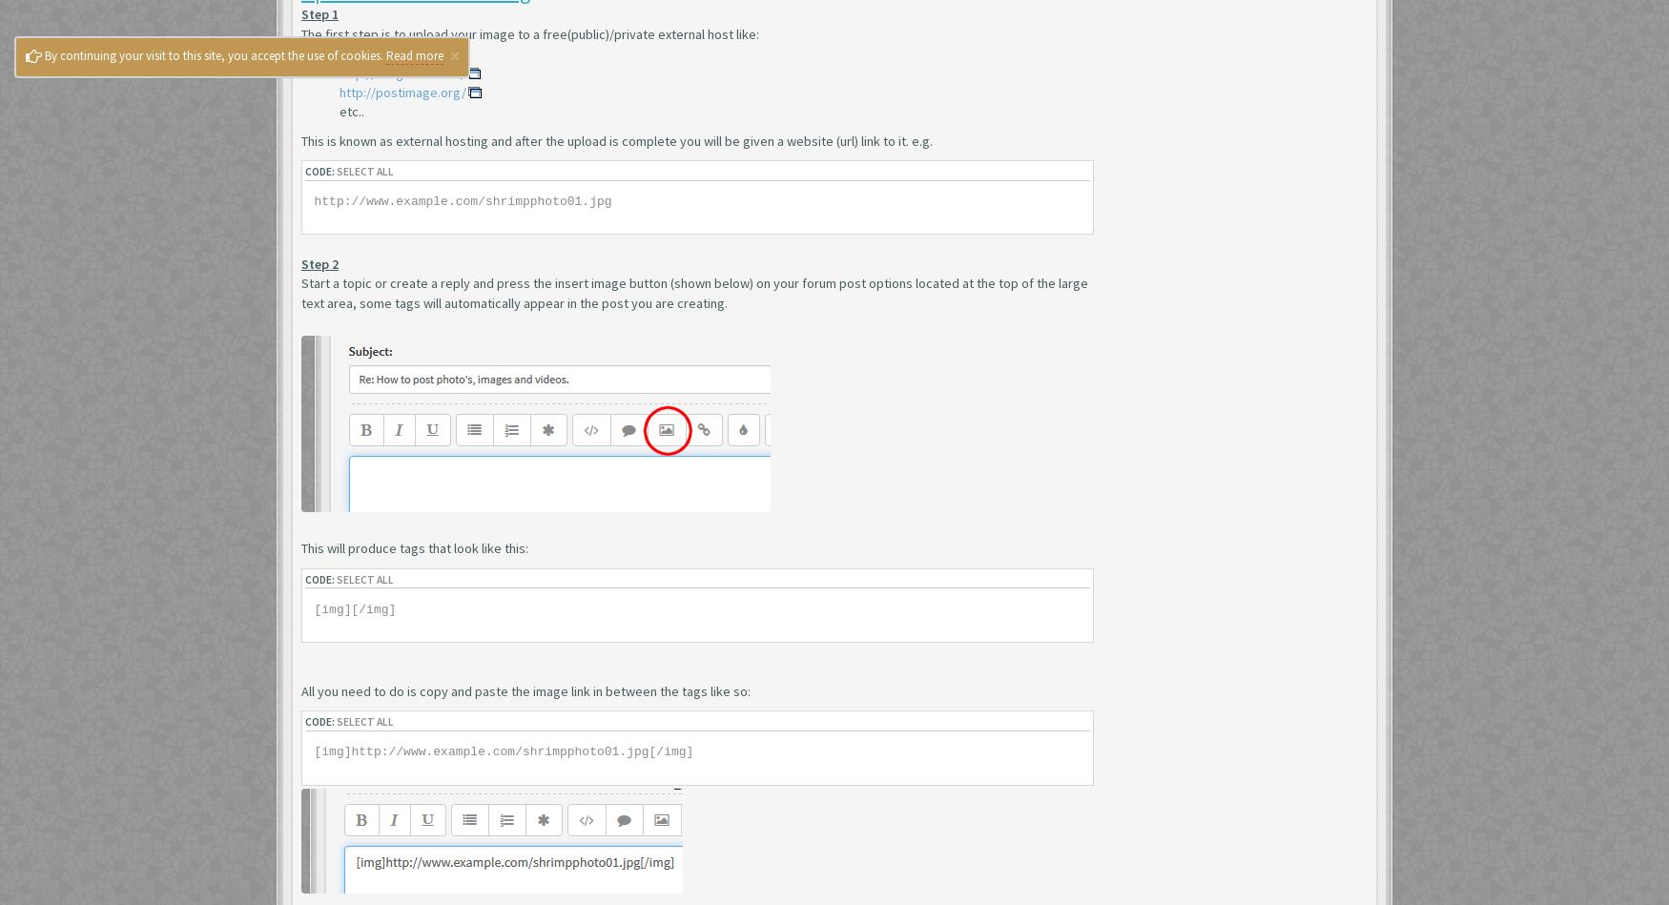  I want to click on 'This is known as external hosting and after the upload is complete you will be given a website (url) link to it. e.g.', so click(615, 140).